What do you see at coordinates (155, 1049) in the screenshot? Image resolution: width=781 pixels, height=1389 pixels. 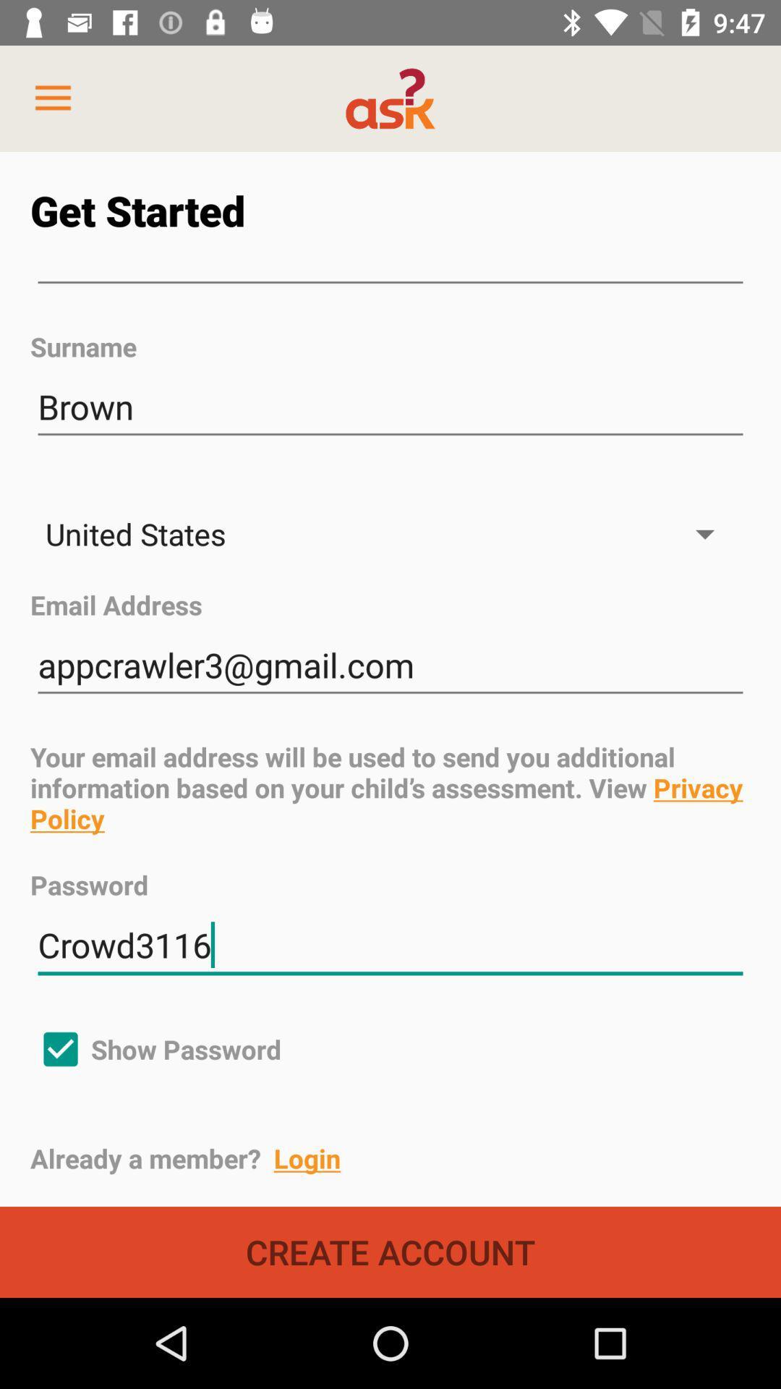 I see `the item at the bottom left corner` at bounding box center [155, 1049].